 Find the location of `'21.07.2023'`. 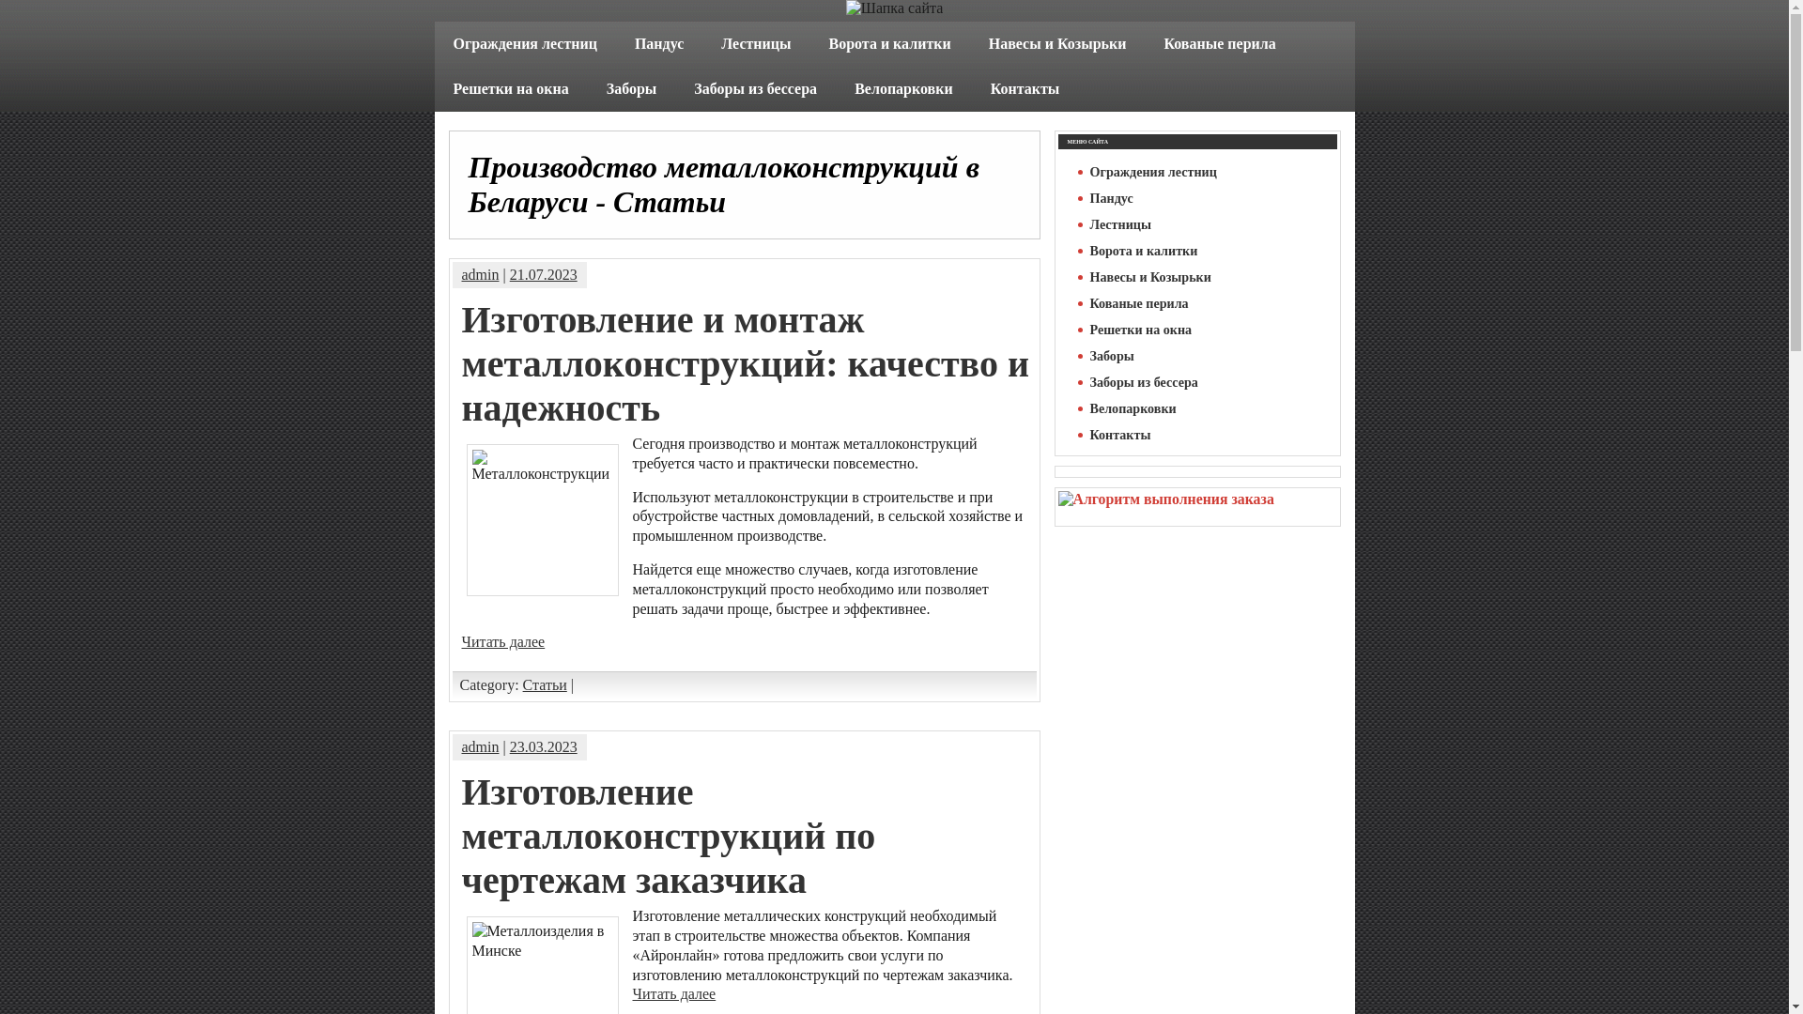

'21.07.2023' is located at coordinates (543, 274).